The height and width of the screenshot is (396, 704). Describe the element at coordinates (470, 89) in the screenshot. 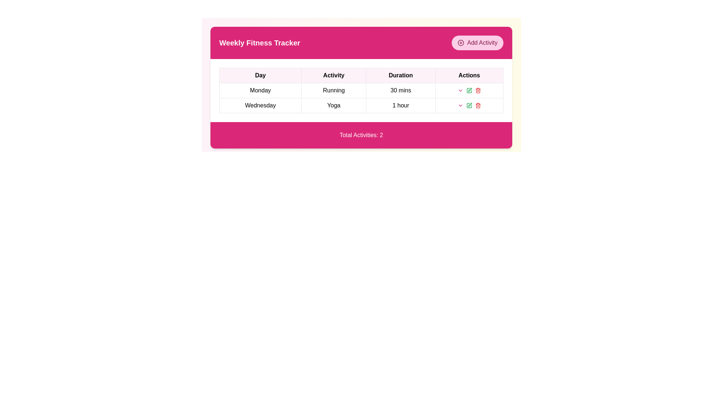

I see `the edit icon (a small pen-shaped icon) located in the 'Actions' column for Wednesday's 'Yoga' activity to initiate editing for that row` at that location.